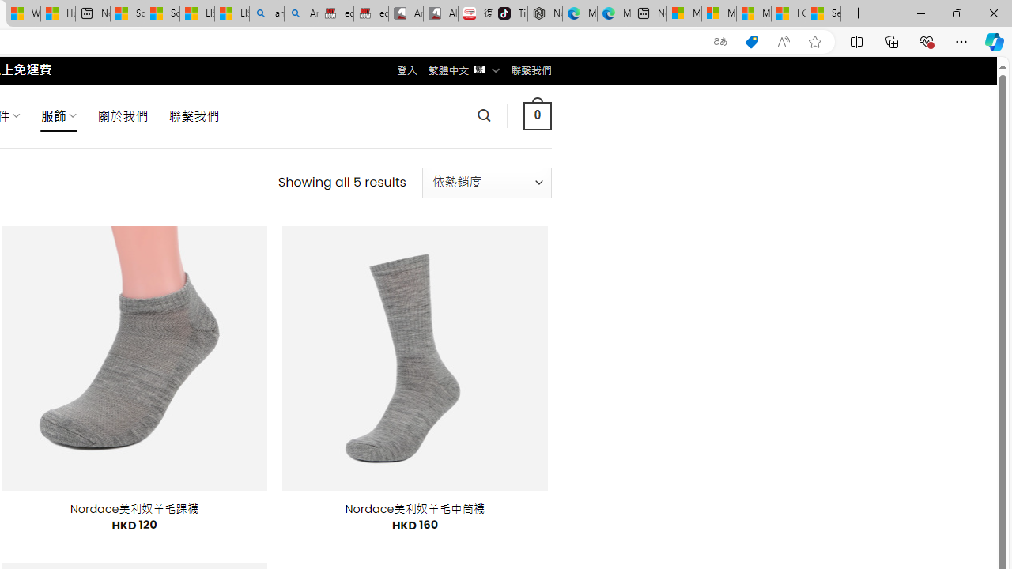 The height and width of the screenshot is (569, 1012). What do you see at coordinates (266, 13) in the screenshot?
I see `'amazon - Search'` at bounding box center [266, 13].